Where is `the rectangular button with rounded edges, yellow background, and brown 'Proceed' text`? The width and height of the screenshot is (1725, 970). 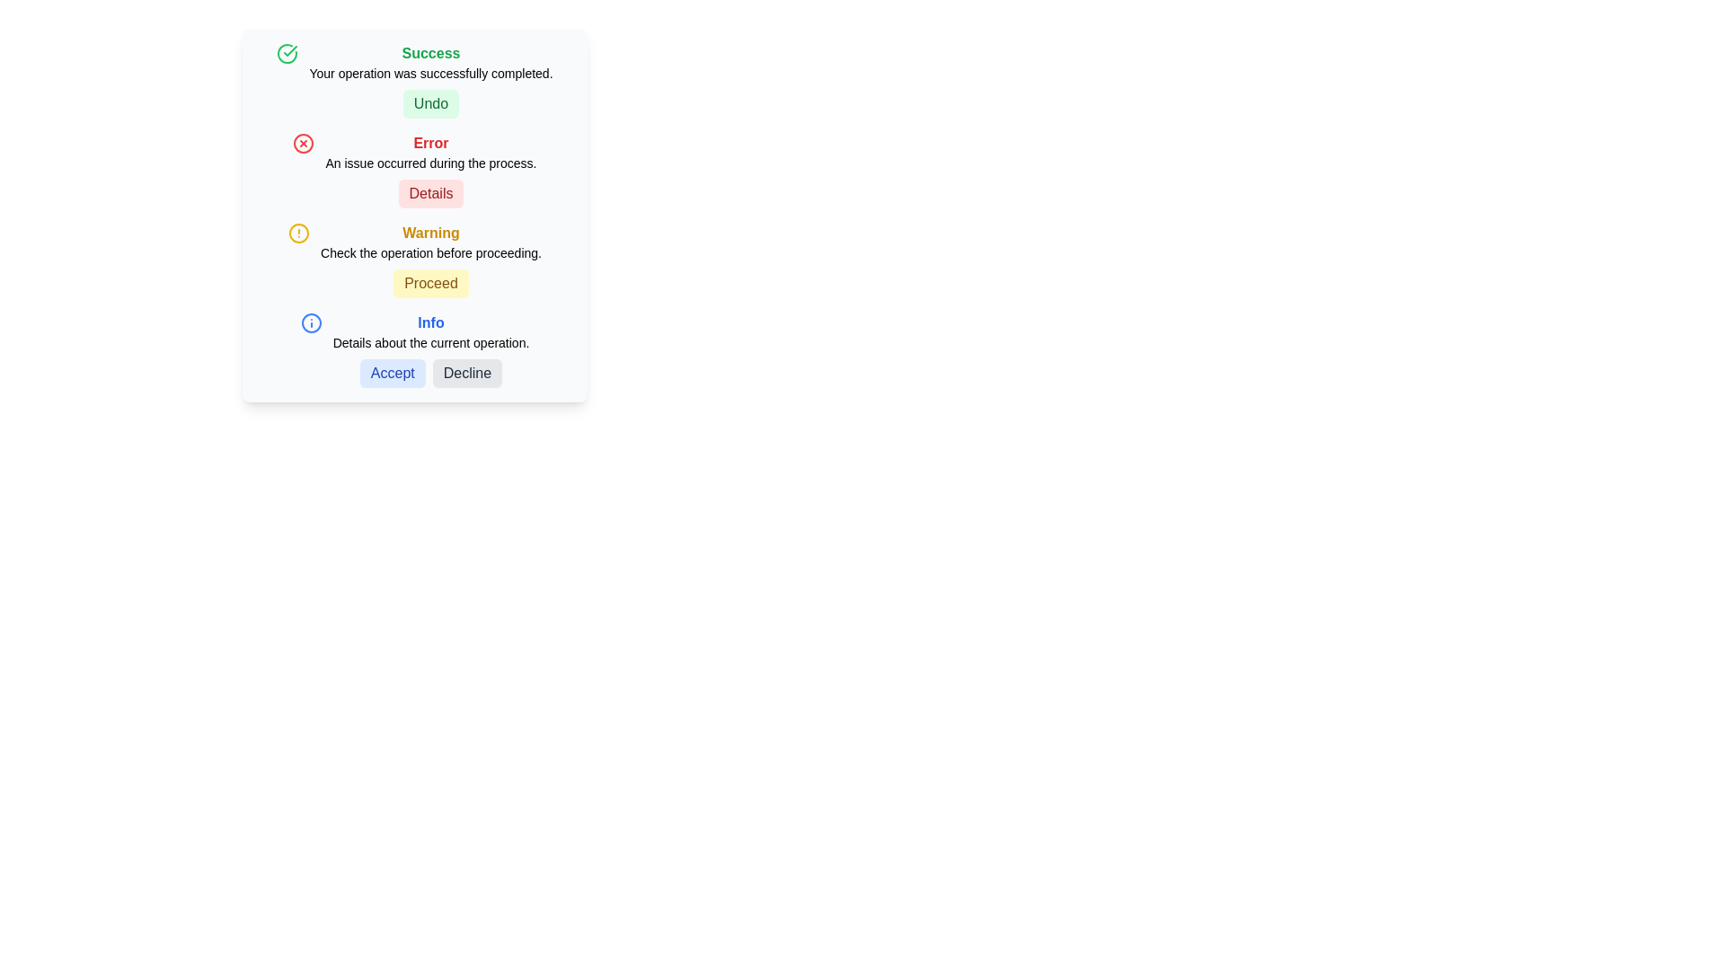
the rectangular button with rounded edges, yellow background, and brown 'Proceed' text is located at coordinates (431, 283).